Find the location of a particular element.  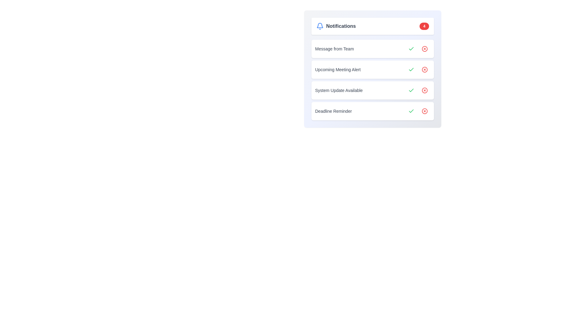

the confirmation button located to the right of the 'Message from Team' text in the first notification entry to confirm the action is located at coordinates (411, 48).